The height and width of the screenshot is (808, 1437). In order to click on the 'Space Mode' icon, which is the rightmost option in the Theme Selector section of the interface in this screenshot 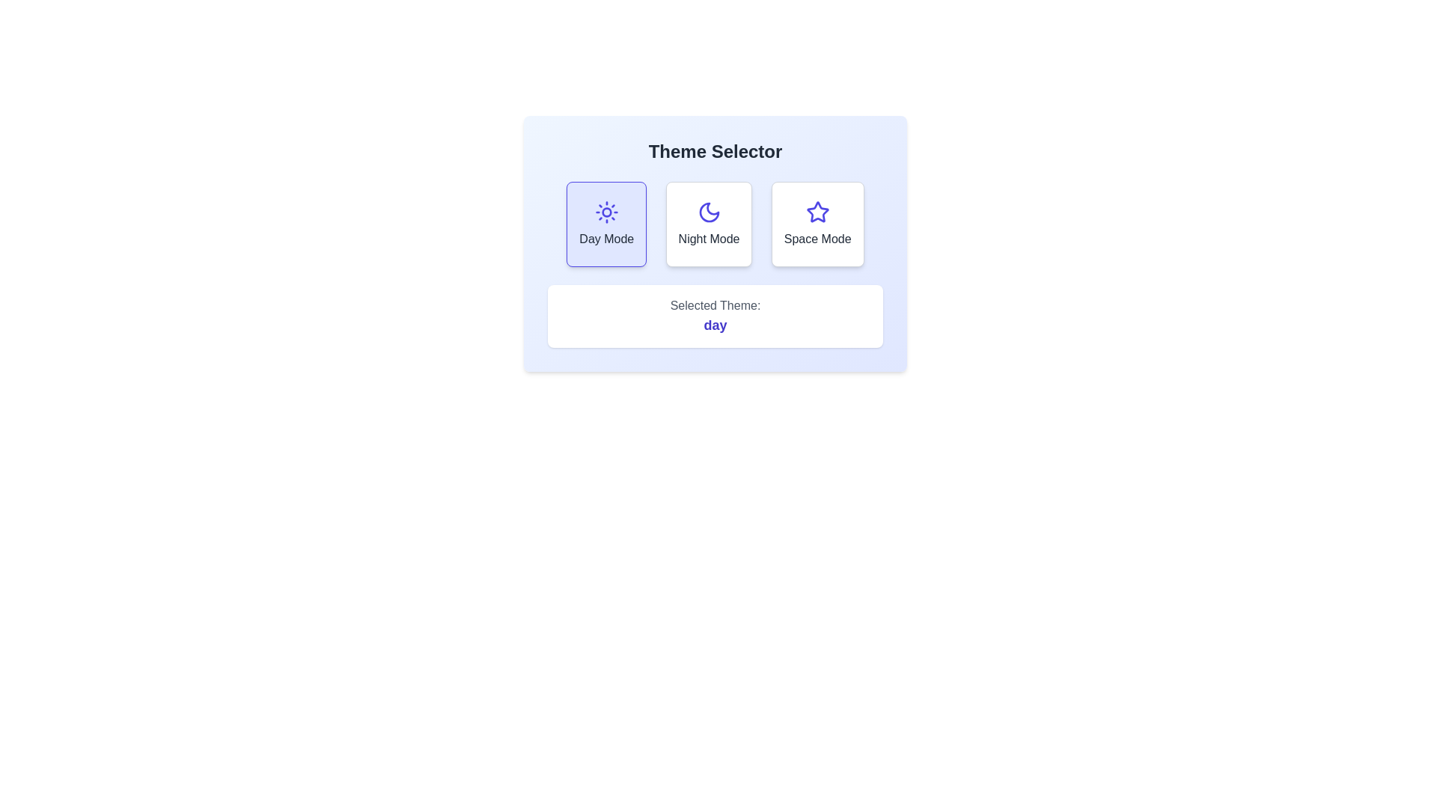, I will do `click(817, 212)`.